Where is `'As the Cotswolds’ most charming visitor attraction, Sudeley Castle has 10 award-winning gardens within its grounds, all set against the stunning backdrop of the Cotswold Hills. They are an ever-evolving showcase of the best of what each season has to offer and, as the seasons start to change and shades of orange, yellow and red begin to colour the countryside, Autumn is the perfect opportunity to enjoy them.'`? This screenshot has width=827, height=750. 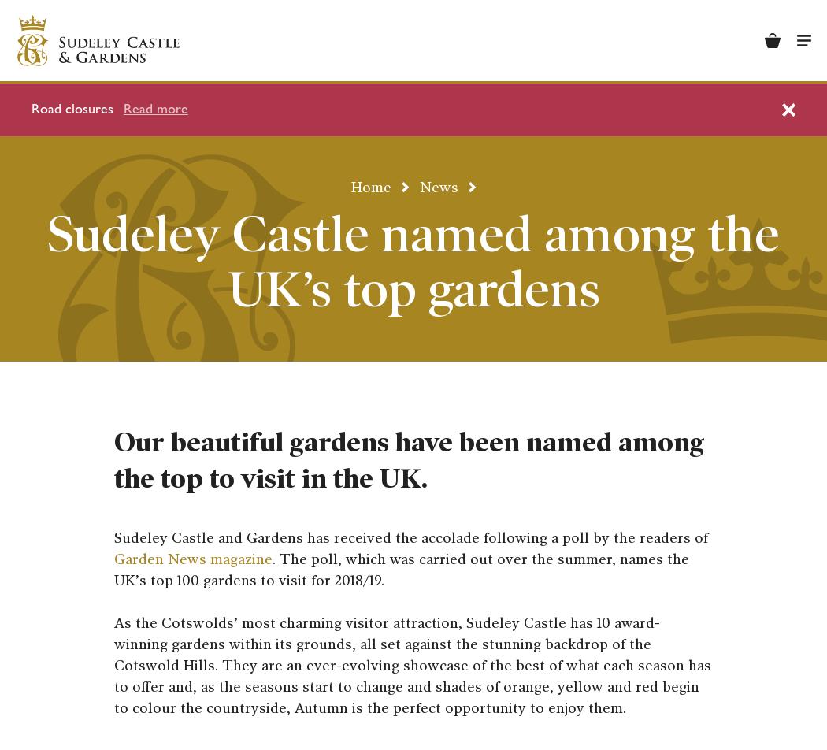
'As the Cotswolds’ most charming visitor attraction, Sudeley Castle has 10 award-winning gardens within its grounds, all set against the stunning backdrop of the Cotswold Hills. They are an ever-evolving showcase of the best of what each season has to offer and, as the seasons start to change and shades of orange, yellow and red begin to colour the countryside, Autumn is the perfect opportunity to enjoy them.' is located at coordinates (411, 665).